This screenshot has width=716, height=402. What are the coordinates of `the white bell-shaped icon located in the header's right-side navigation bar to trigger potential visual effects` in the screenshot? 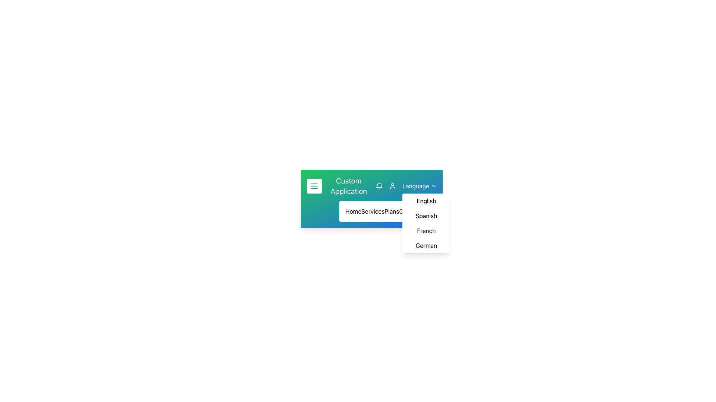 It's located at (379, 186).